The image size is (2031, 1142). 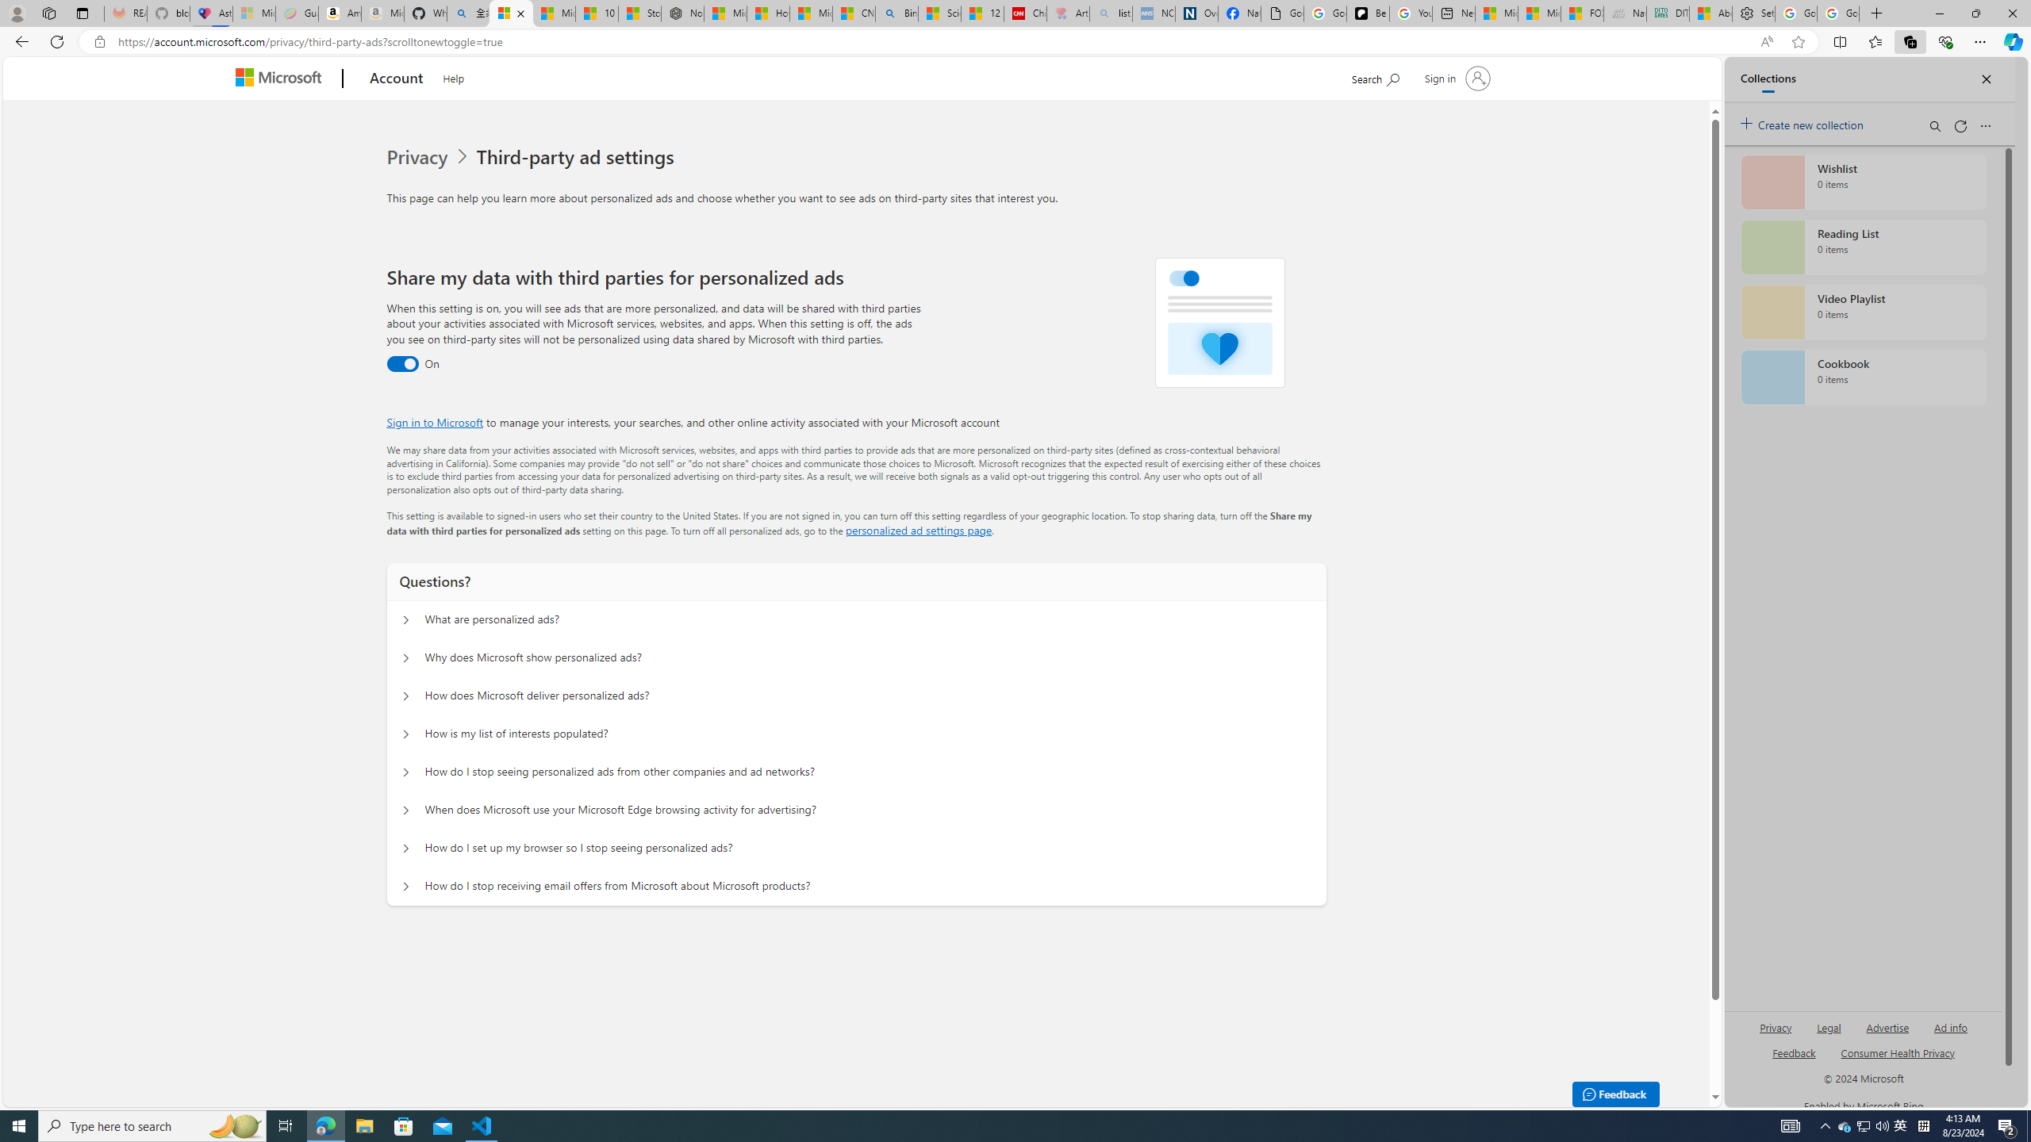 What do you see at coordinates (253, 13) in the screenshot?
I see `'Microsoft-Report a Concern to Bing - Sleeping'` at bounding box center [253, 13].